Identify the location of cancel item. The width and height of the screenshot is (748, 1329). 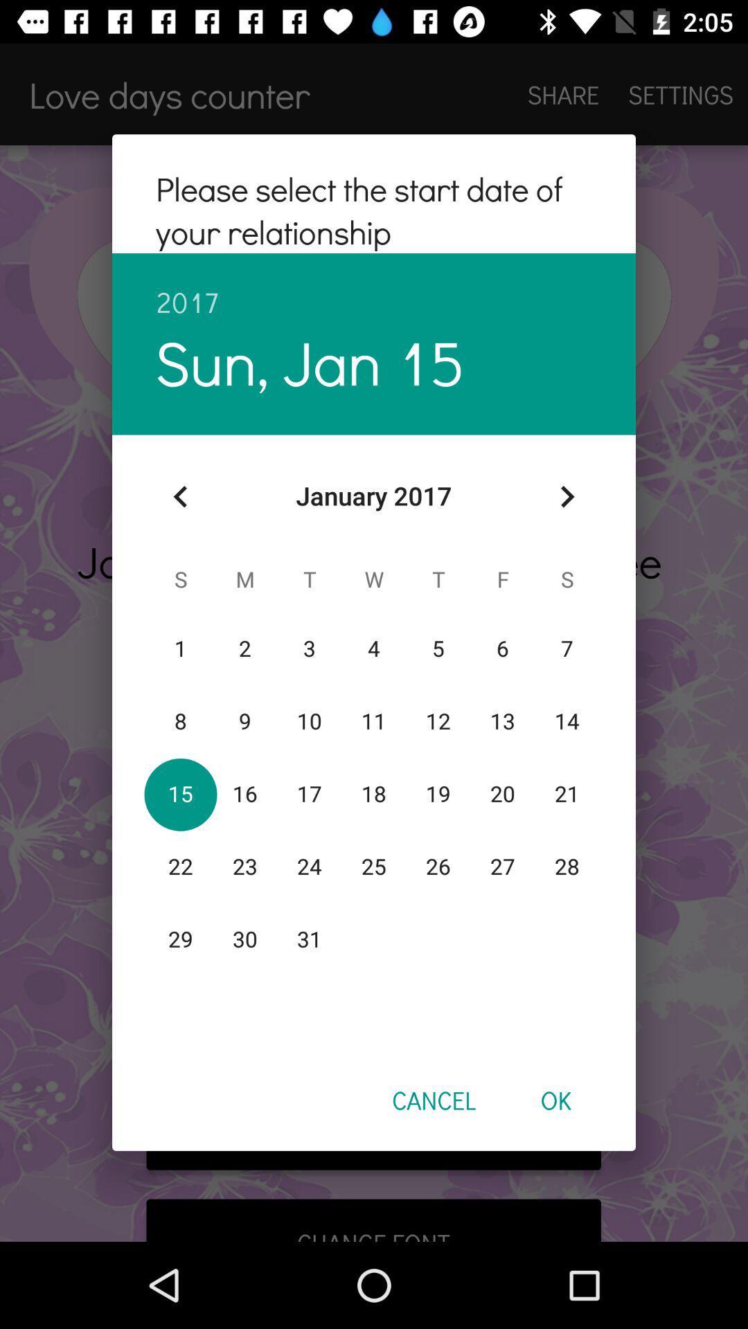
(433, 1099).